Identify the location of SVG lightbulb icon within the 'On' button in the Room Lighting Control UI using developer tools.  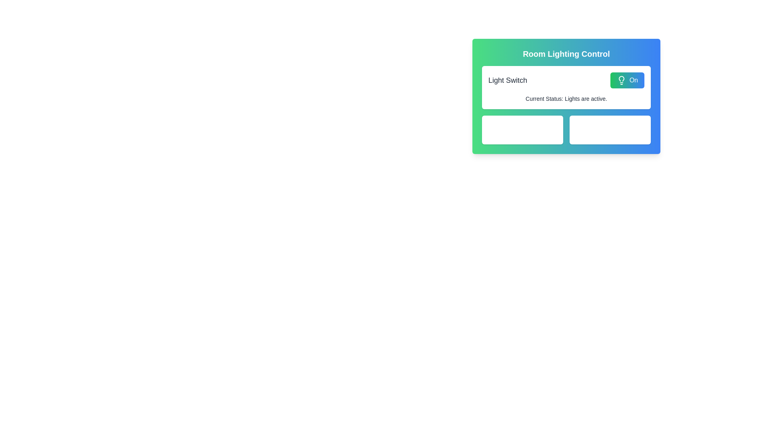
(621, 80).